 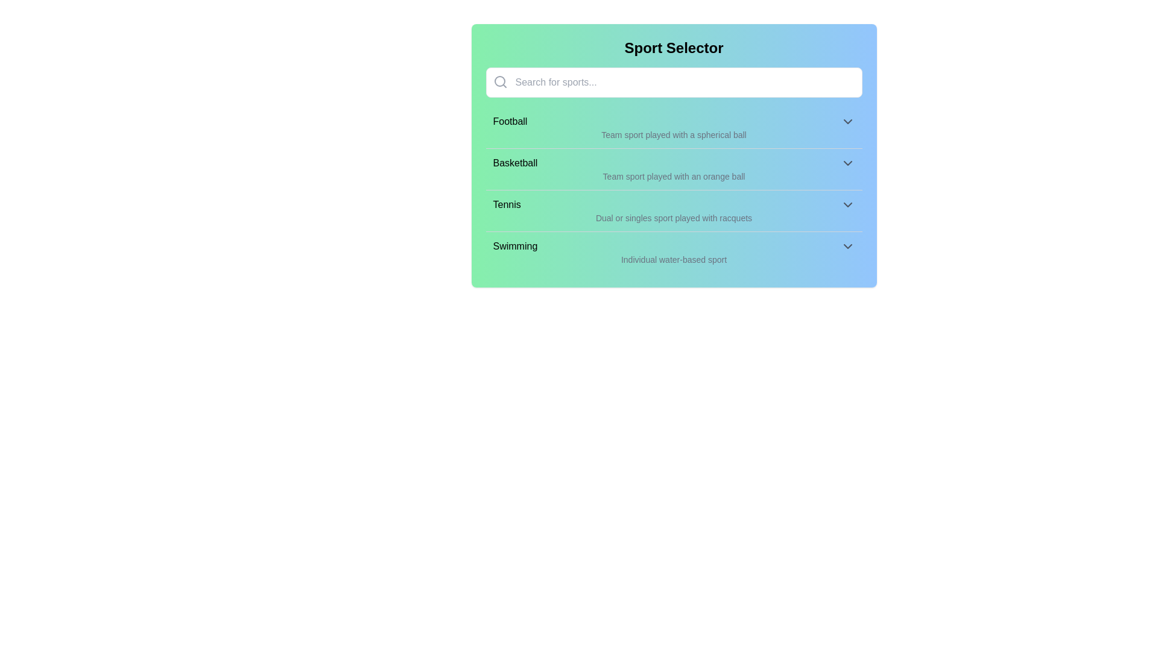 I want to click on the first selectable item in the 'Sport Selector' dropdown related to the 'Football' category, so click(x=673, y=121).